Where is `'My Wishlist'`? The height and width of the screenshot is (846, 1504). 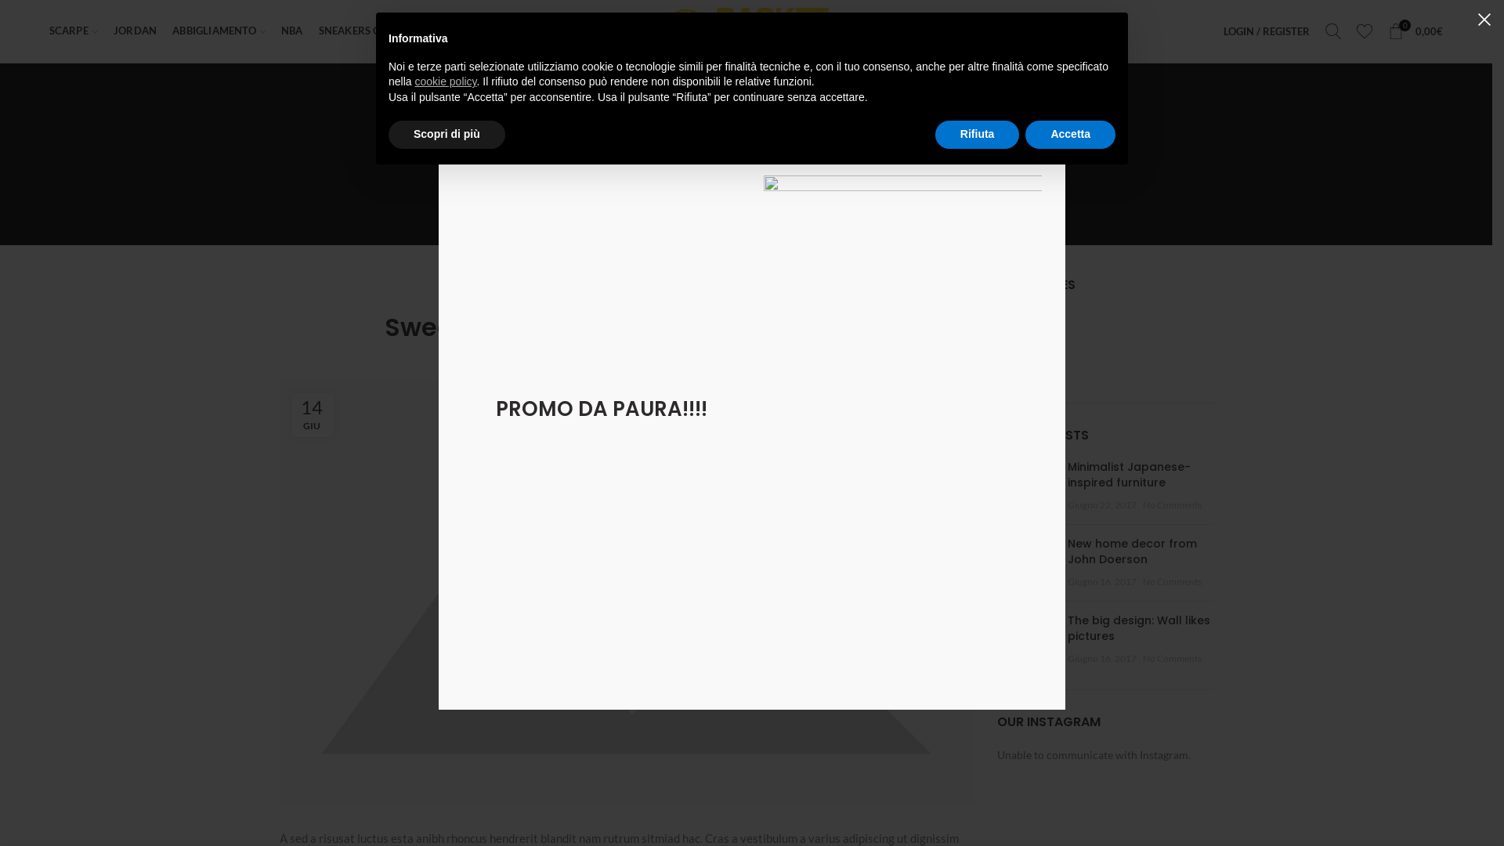
'My Wishlist' is located at coordinates (1364, 31).